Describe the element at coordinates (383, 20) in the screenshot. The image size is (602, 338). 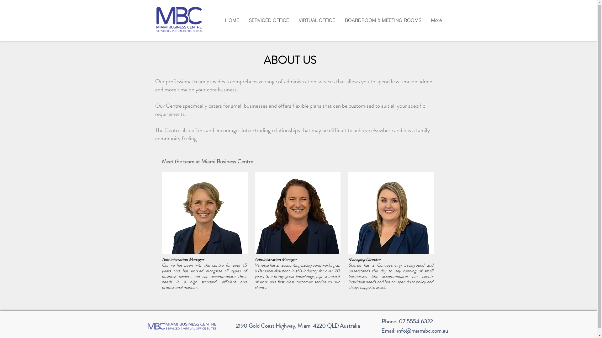
I see `'BOARDROOM & MEETING ROOMS'` at that location.